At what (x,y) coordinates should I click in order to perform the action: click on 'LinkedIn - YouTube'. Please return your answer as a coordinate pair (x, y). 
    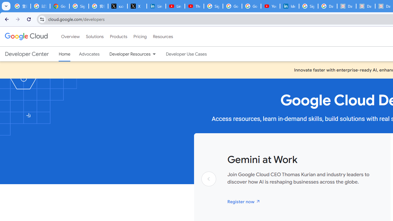
    Looking at the image, I should click on (175, 6).